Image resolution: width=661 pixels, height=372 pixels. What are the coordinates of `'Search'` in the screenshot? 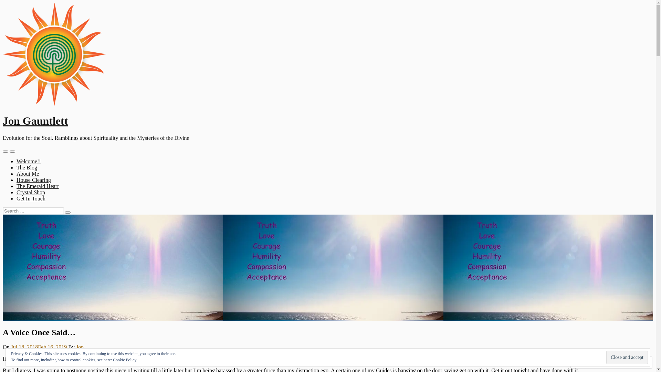 It's located at (67, 212).